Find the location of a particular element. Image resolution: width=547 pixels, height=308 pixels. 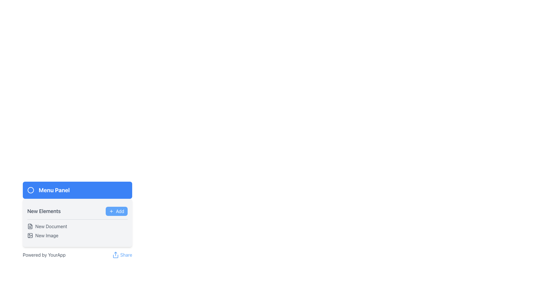

the bold white text 'Menu Panel' which is styled with an extra-large font and located inside a blue background with rounded corners at the bottom-left area of the interface is located at coordinates (54, 190).